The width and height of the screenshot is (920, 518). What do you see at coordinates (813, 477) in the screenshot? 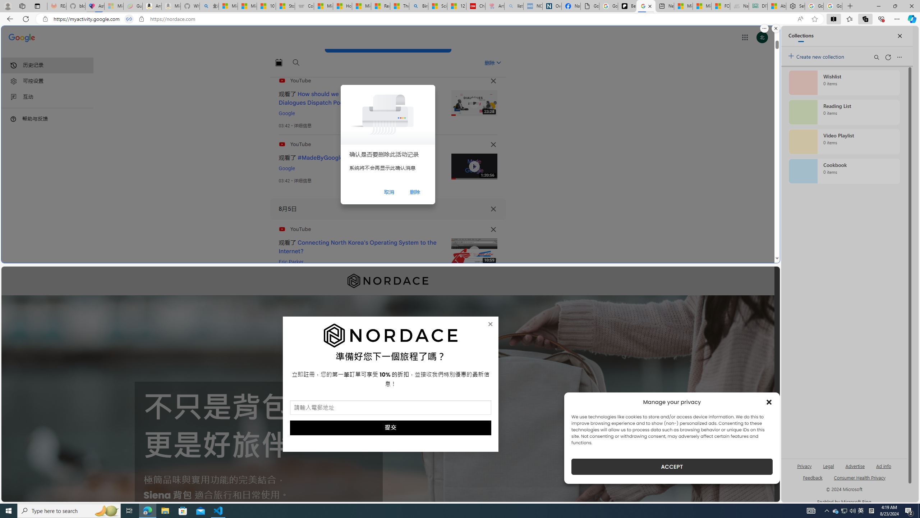
I see `'AutomationID: sb_feedback'` at bounding box center [813, 477].